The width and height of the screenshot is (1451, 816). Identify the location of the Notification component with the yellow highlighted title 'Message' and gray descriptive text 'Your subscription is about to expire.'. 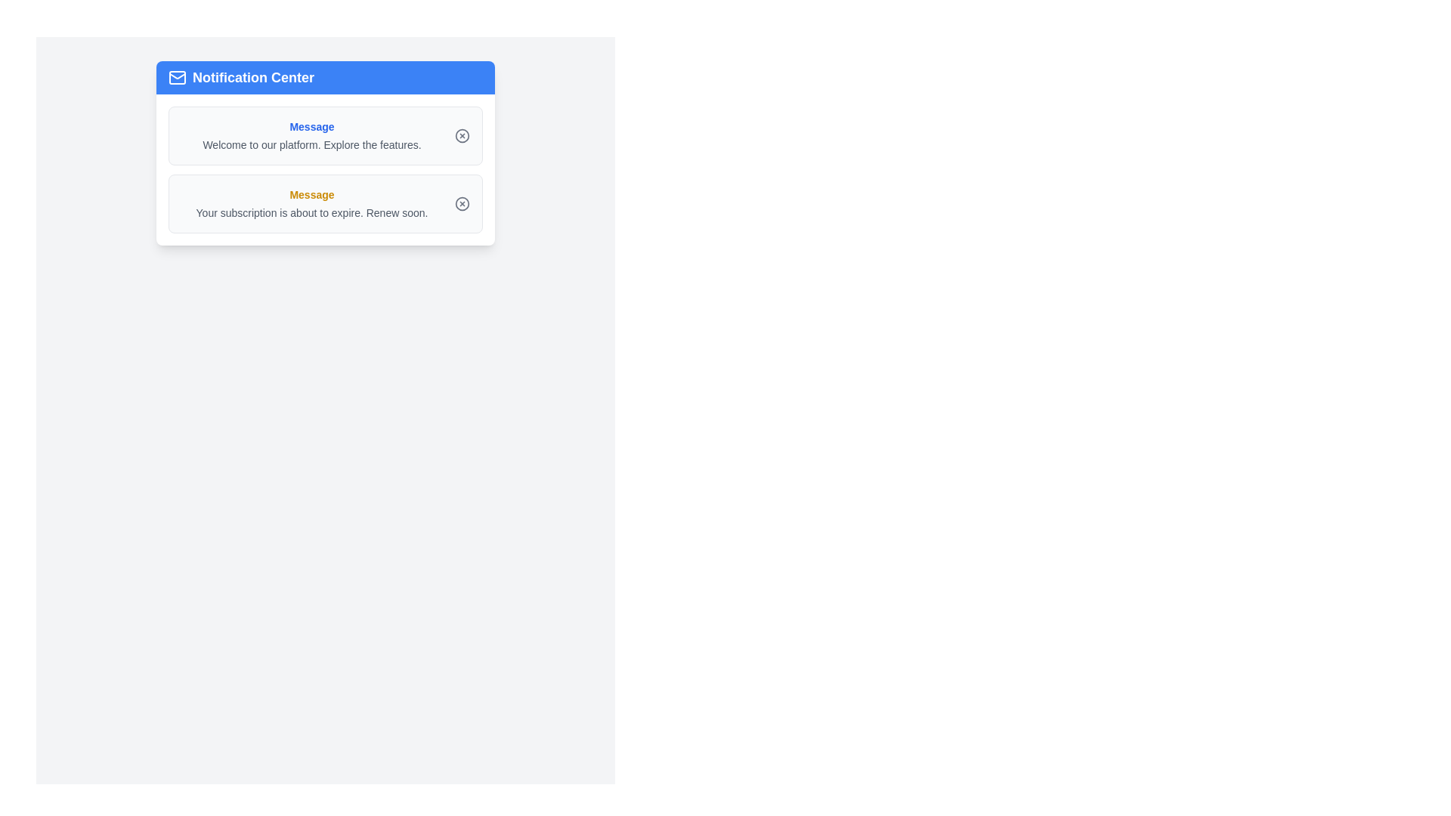
(325, 204).